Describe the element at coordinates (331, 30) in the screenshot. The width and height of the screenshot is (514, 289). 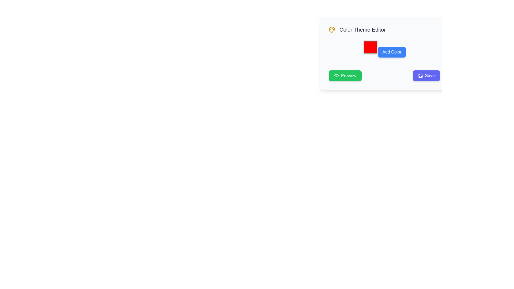
I see `the decorative palette icon which is the leftmost item in the header of the 'Color Theme Editor' section, next to the title 'Color Theme Editor'` at that location.